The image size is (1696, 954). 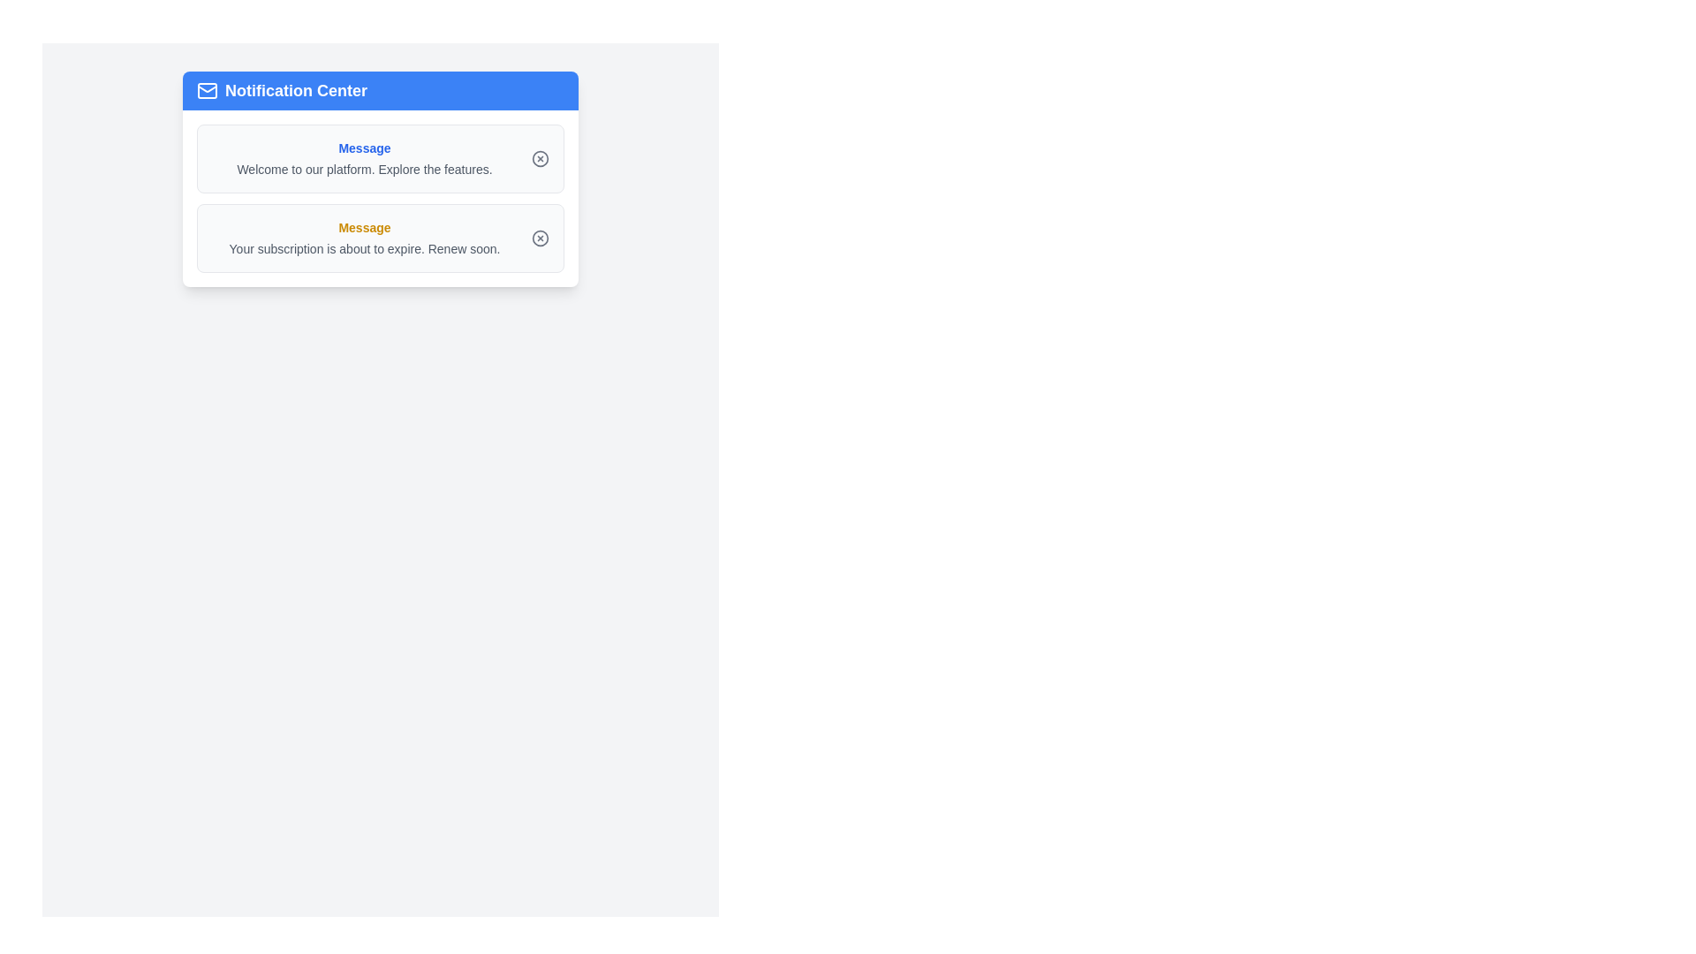 I want to click on the circular outline graphic that is part of an icon located near the top right corner of the second notification box below the 'Notification Center' header, so click(x=539, y=238).